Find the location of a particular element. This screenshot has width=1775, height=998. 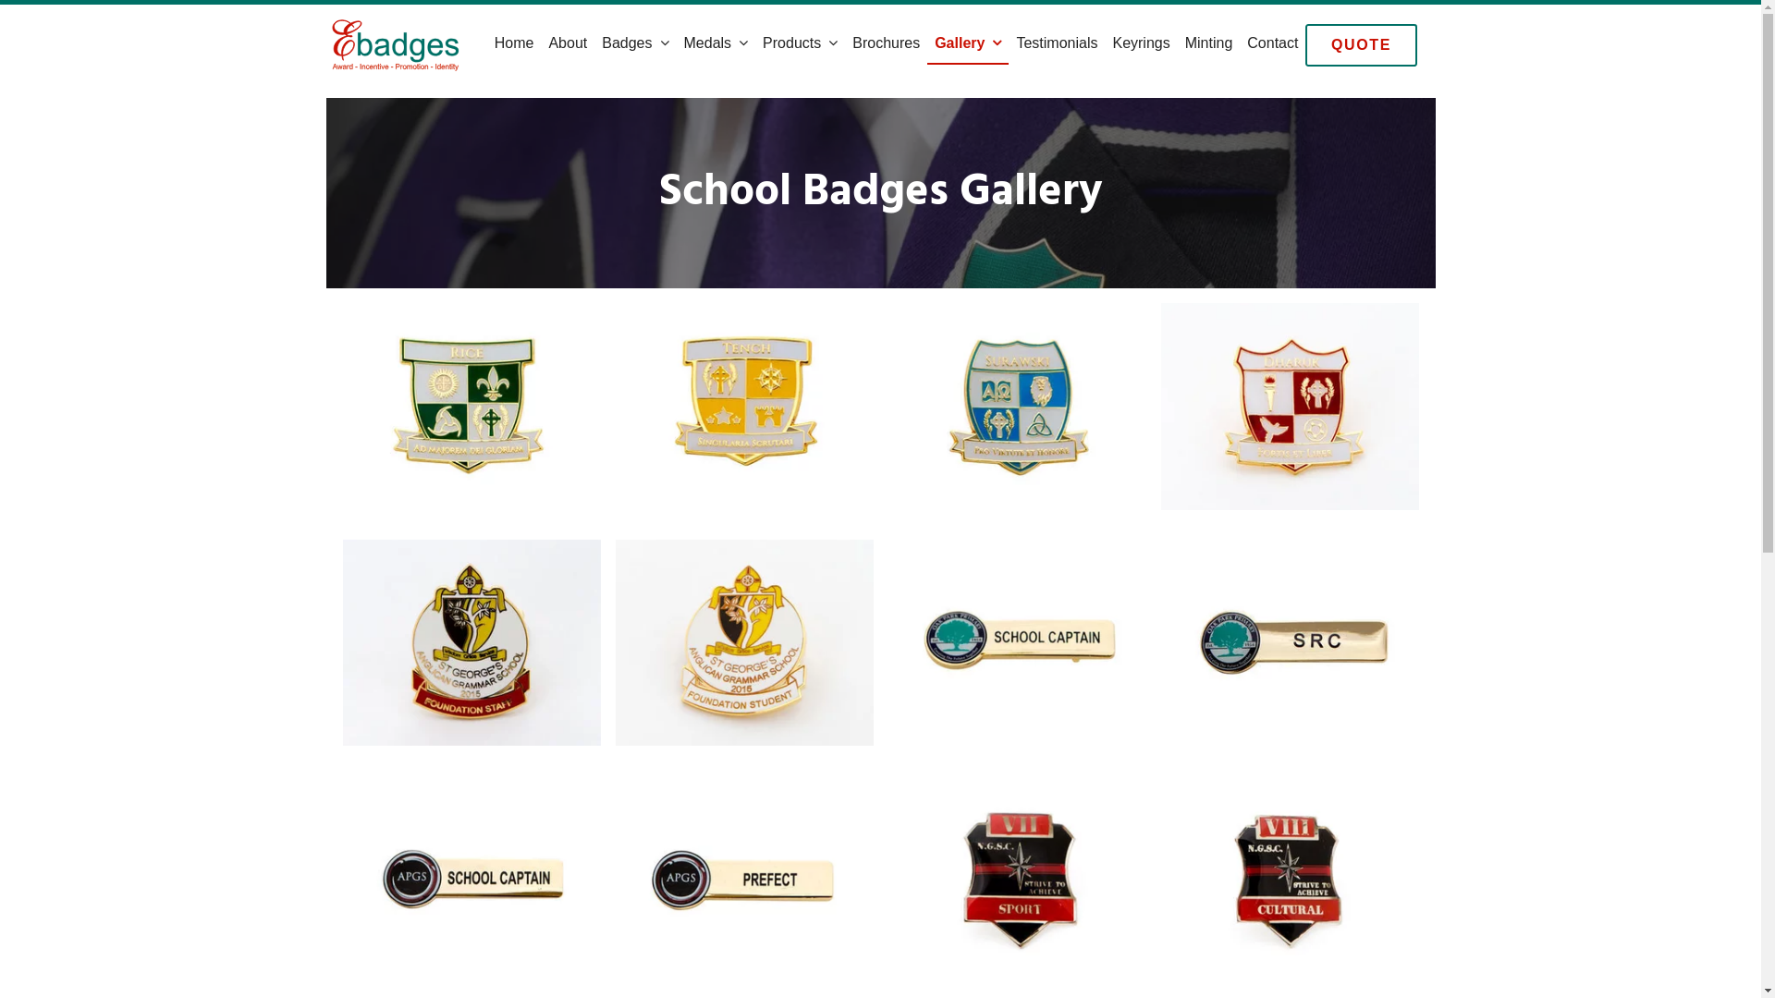

'Products' is located at coordinates (800, 43).